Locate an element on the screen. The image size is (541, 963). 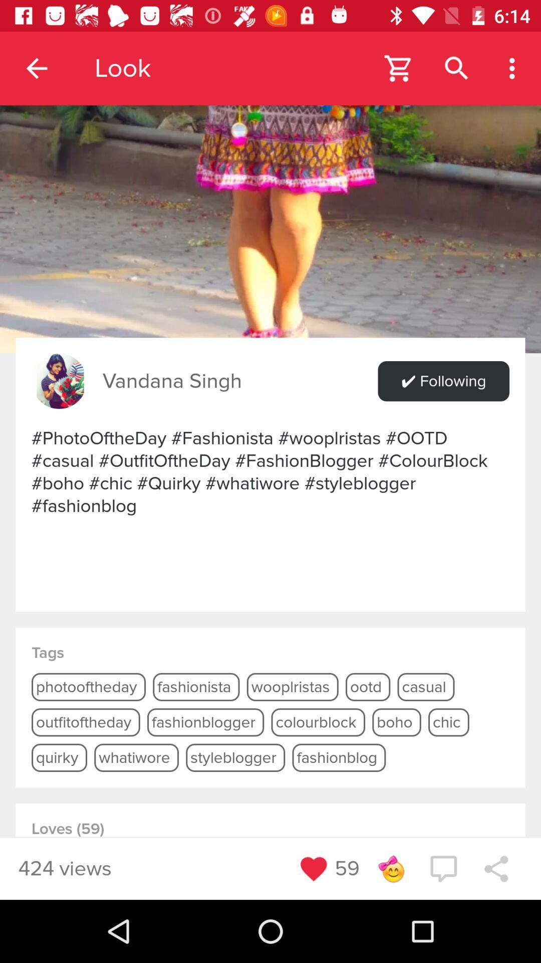
comment is located at coordinates (443, 868).